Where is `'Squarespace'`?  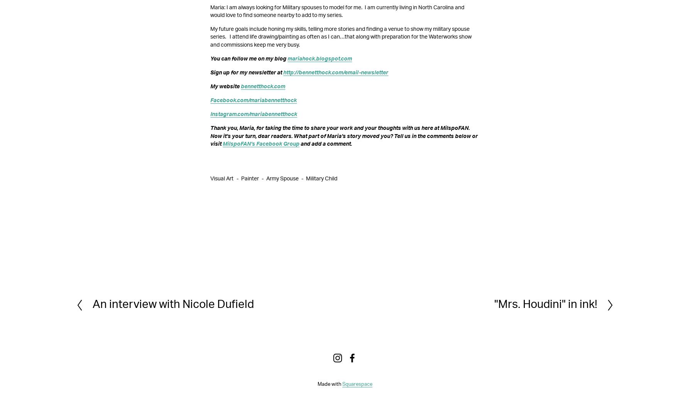
'Squarespace' is located at coordinates (342, 383).